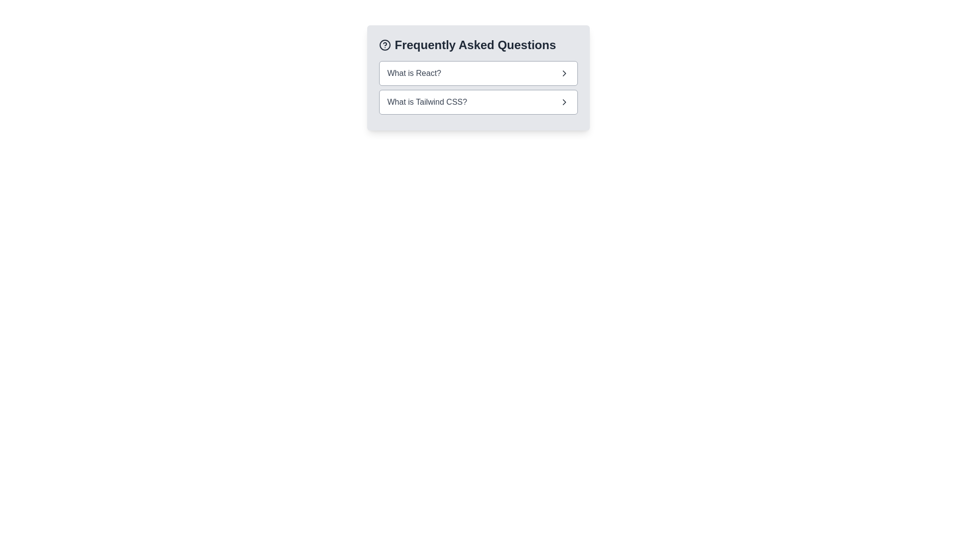 This screenshot has width=954, height=536. What do you see at coordinates (564, 102) in the screenshot?
I see `the chevron icon positioned to the far-right of the 'What is Tailwind CSS?' text in the 'Frequently Asked Questions' section` at bounding box center [564, 102].